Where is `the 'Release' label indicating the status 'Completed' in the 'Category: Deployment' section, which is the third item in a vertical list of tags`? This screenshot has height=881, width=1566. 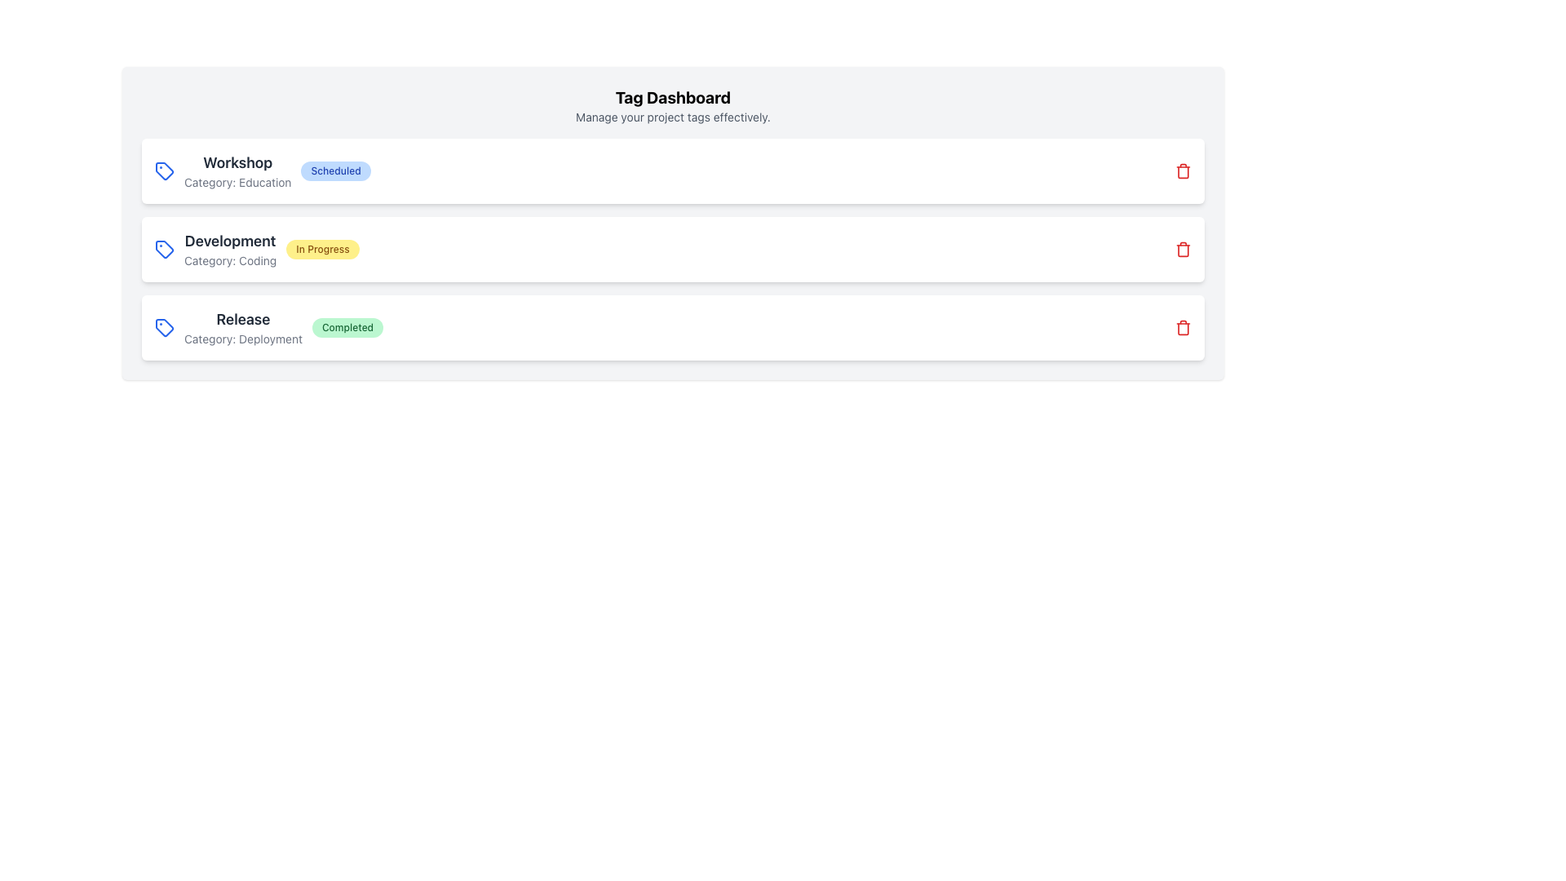
the 'Release' label indicating the status 'Completed' in the 'Category: Deployment' section, which is the third item in a vertical list of tags is located at coordinates (269, 327).